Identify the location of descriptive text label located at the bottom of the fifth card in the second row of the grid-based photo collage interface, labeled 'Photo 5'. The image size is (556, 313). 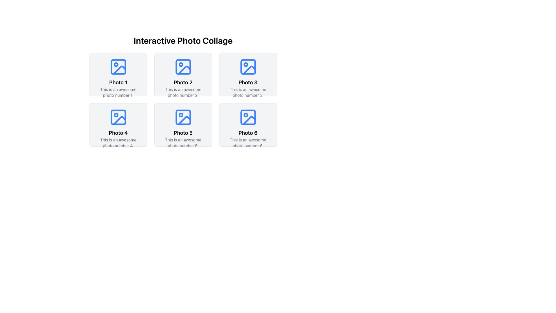
(183, 143).